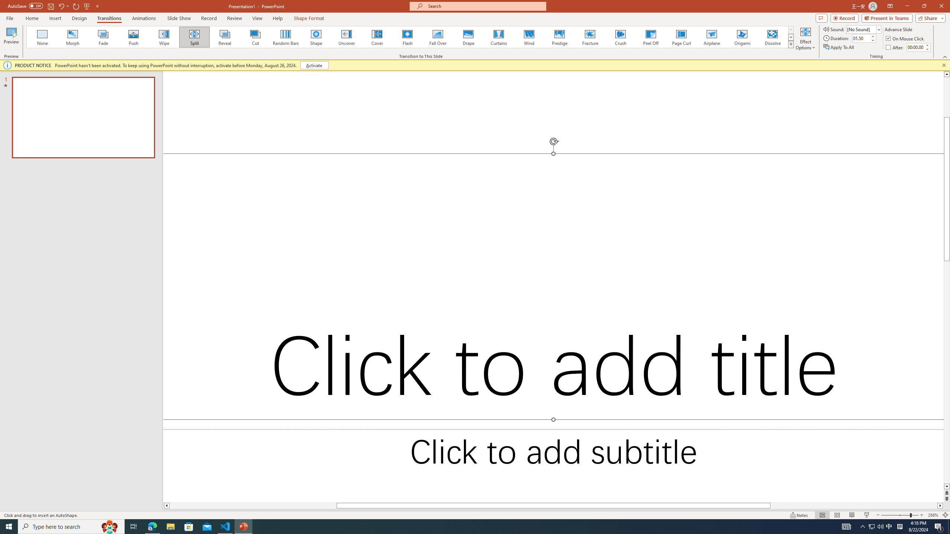 The image size is (950, 534). I want to click on 'Crush', so click(620, 37).